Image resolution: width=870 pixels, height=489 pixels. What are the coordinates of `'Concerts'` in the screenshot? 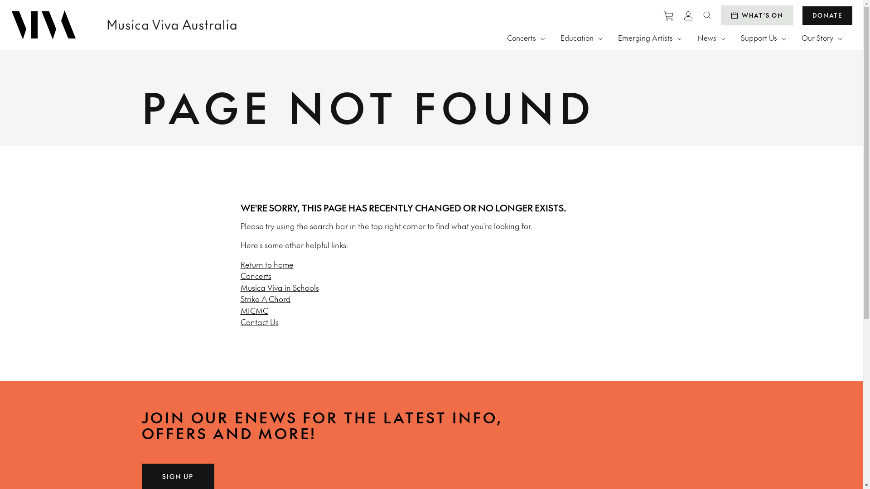 It's located at (526, 37).